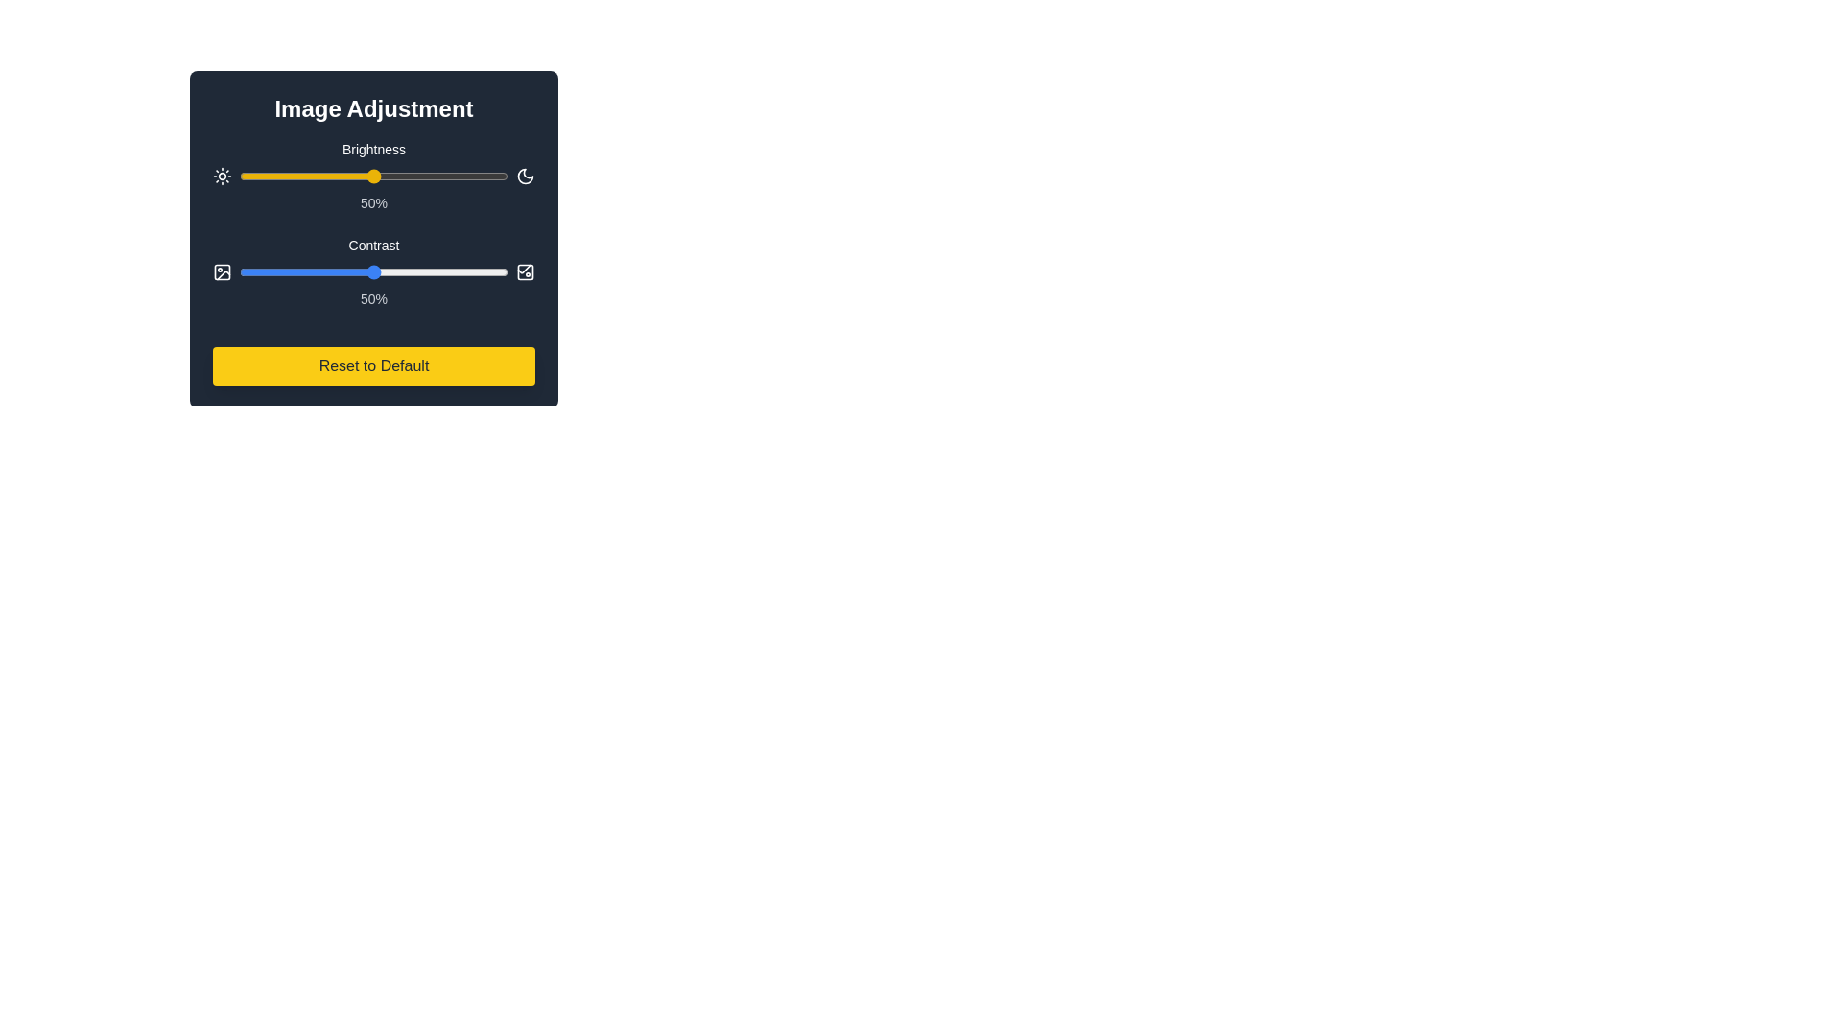 This screenshot has height=1036, width=1842. I want to click on the 'Brightness' label which is a small, white, centrally aligned text on a dark background, located at the top of the brightness adjustment section, so click(373, 148).